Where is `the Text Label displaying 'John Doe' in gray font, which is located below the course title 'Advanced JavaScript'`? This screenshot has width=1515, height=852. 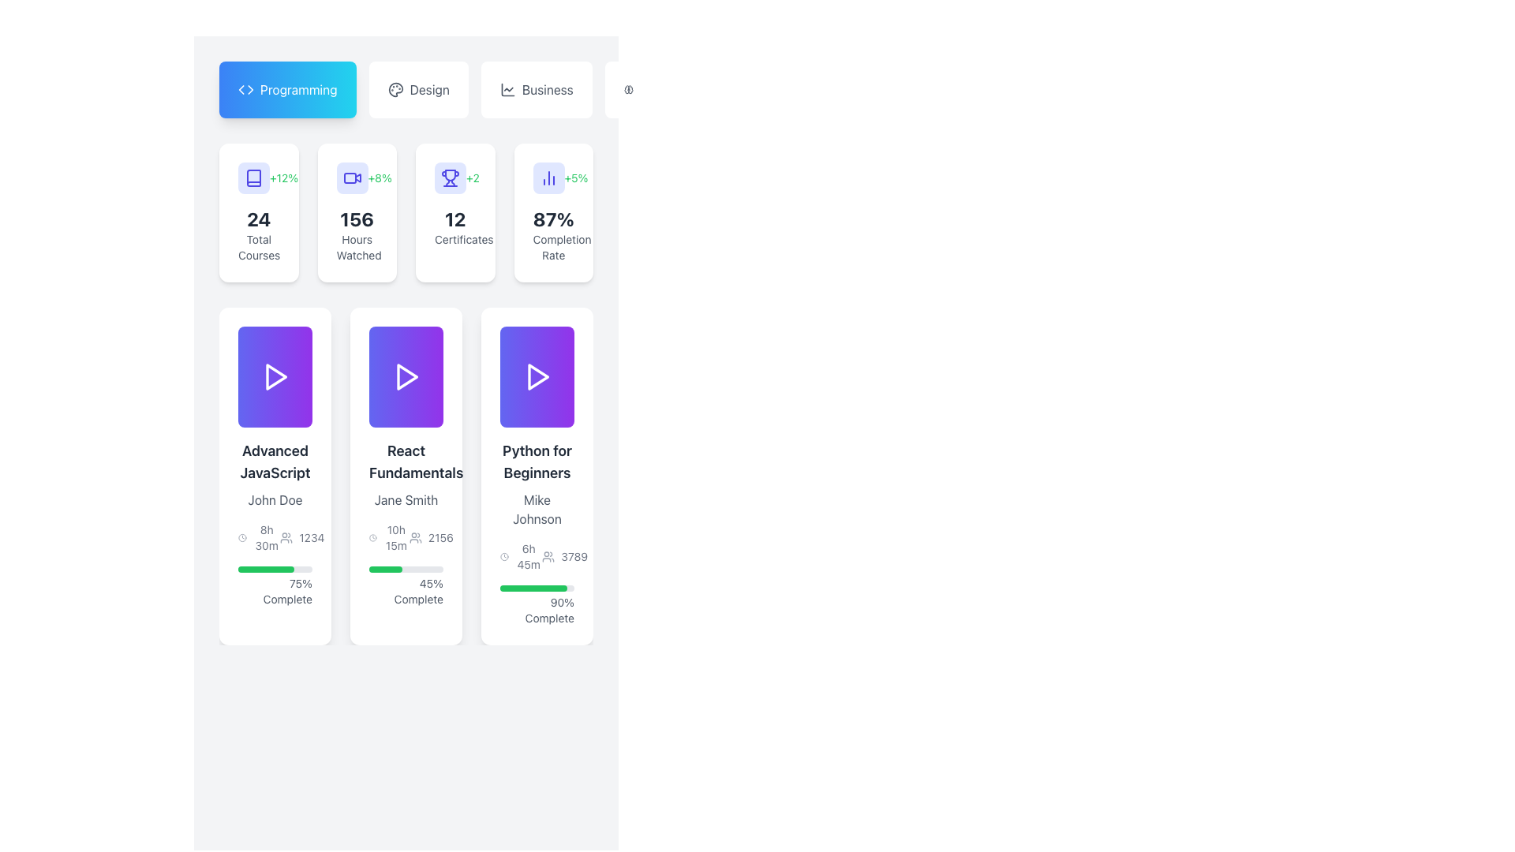 the Text Label displaying 'John Doe' in gray font, which is located below the course title 'Advanced JavaScript' is located at coordinates (275, 499).